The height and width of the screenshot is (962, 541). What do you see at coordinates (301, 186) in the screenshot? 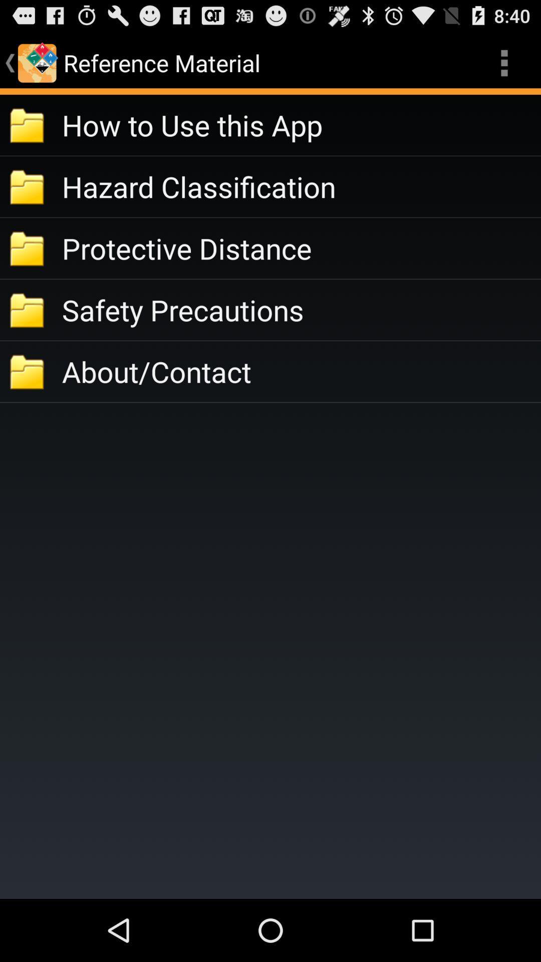
I see `the hazard classification item` at bounding box center [301, 186].